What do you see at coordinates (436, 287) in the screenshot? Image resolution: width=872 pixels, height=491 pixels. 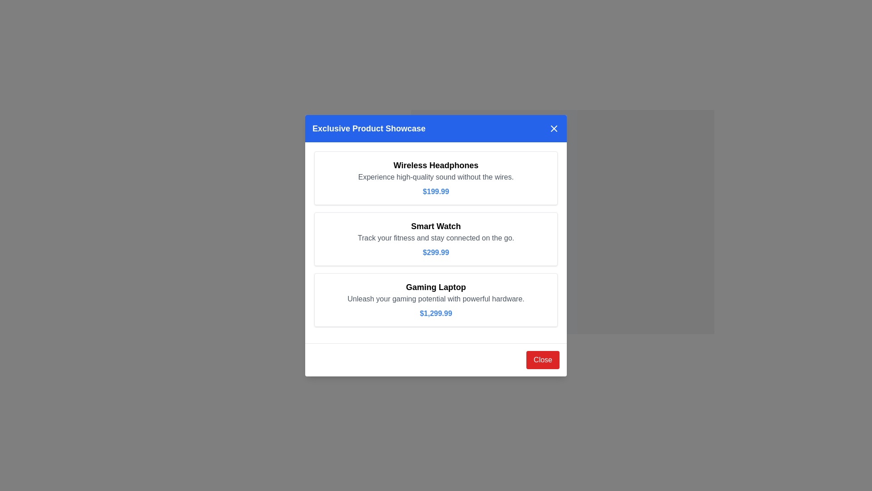 I see `the product title label located at the center-bottom of the list box, which provides the name of the product and is positioned above the subtitle 'Unleash your gaming potential with powerful hardware.'` at bounding box center [436, 287].